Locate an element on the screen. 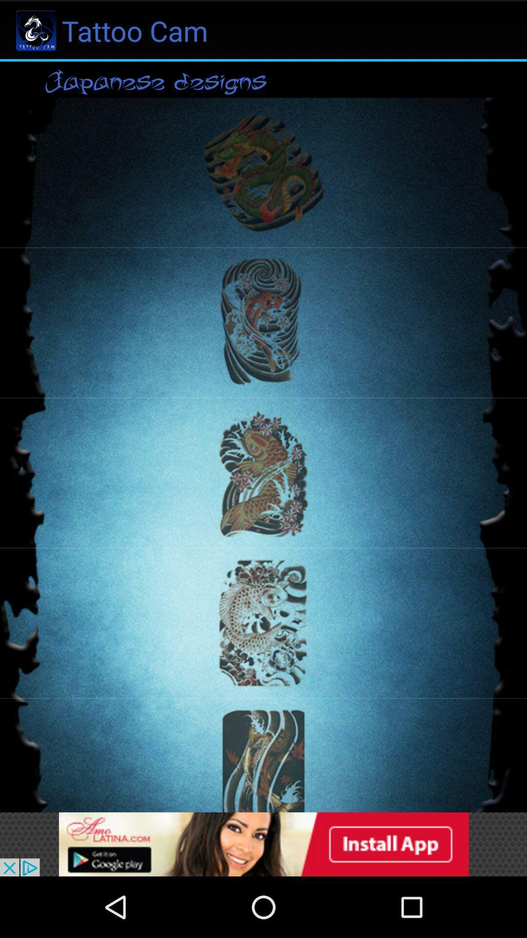  link in advertisement is located at coordinates (263, 844).